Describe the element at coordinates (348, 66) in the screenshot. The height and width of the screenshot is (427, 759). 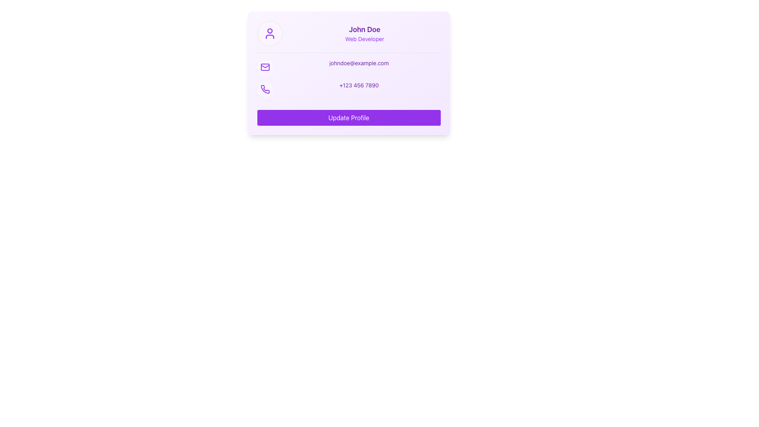
I see `the Text label displaying the user's email address, located in the contact information section, next to a purple envelope icon and above a phone number display` at that location.